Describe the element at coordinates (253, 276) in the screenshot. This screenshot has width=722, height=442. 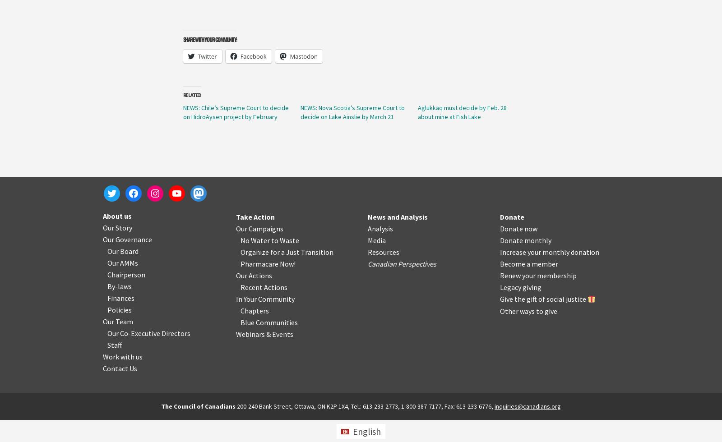
I see `'Our Actions'` at that location.